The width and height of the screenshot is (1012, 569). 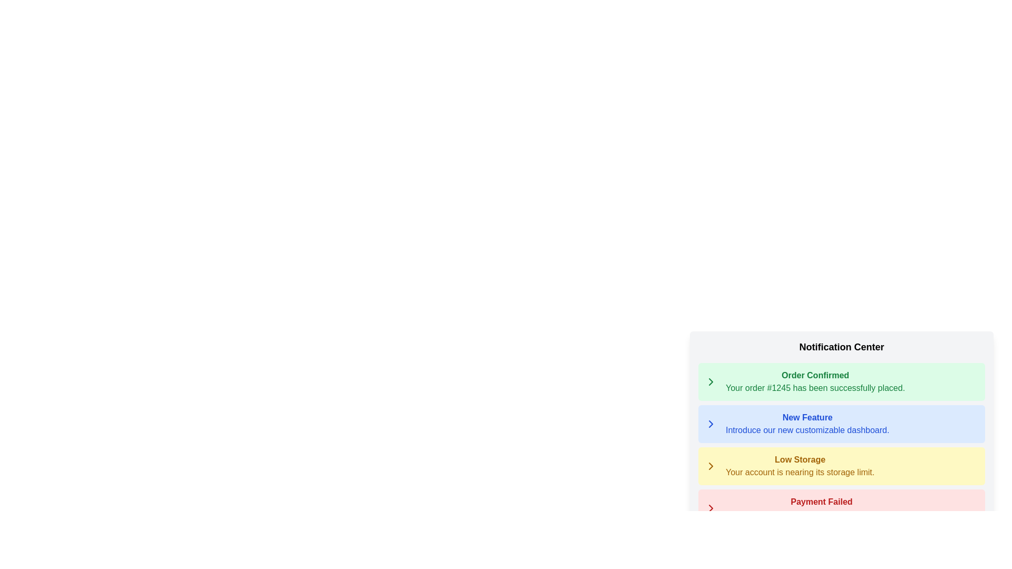 What do you see at coordinates (814, 375) in the screenshot?
I see `the 'Order Confirmed' text label, which is prominently displayed in a green background and serves as a title within the Notification Center` at bounding box center [814, 375].